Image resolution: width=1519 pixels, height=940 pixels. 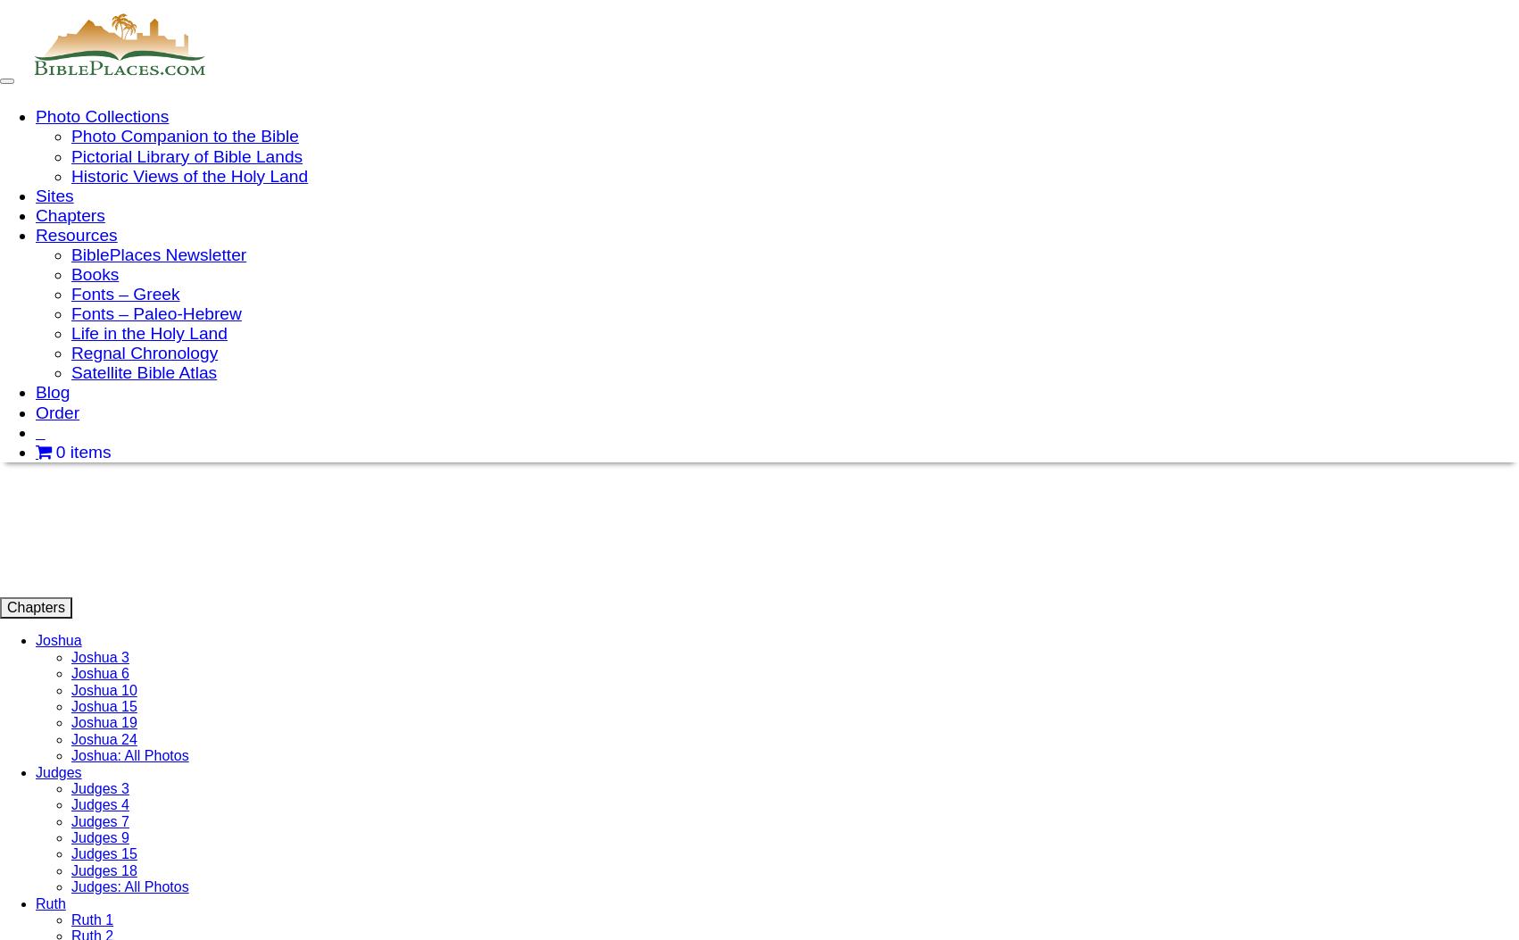 I want to click on 'Judges: All Photos', so click(x=129, y=886).